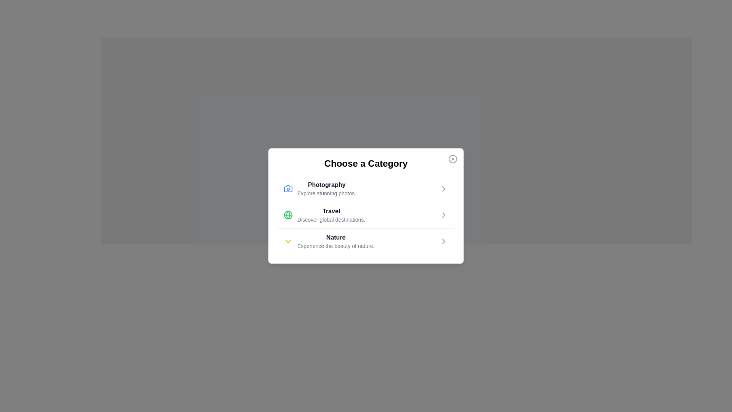 The image size is (732, 412). What do you see at coordinates (443, 215) in the screenshot?
I see `the right-pointing chevron icon styled with gray color that is located to the far right of the 'Travel, Discover global destinations.' row in the modal dialog box titled 'Choose a Category'` at bounding box center [443, 215].